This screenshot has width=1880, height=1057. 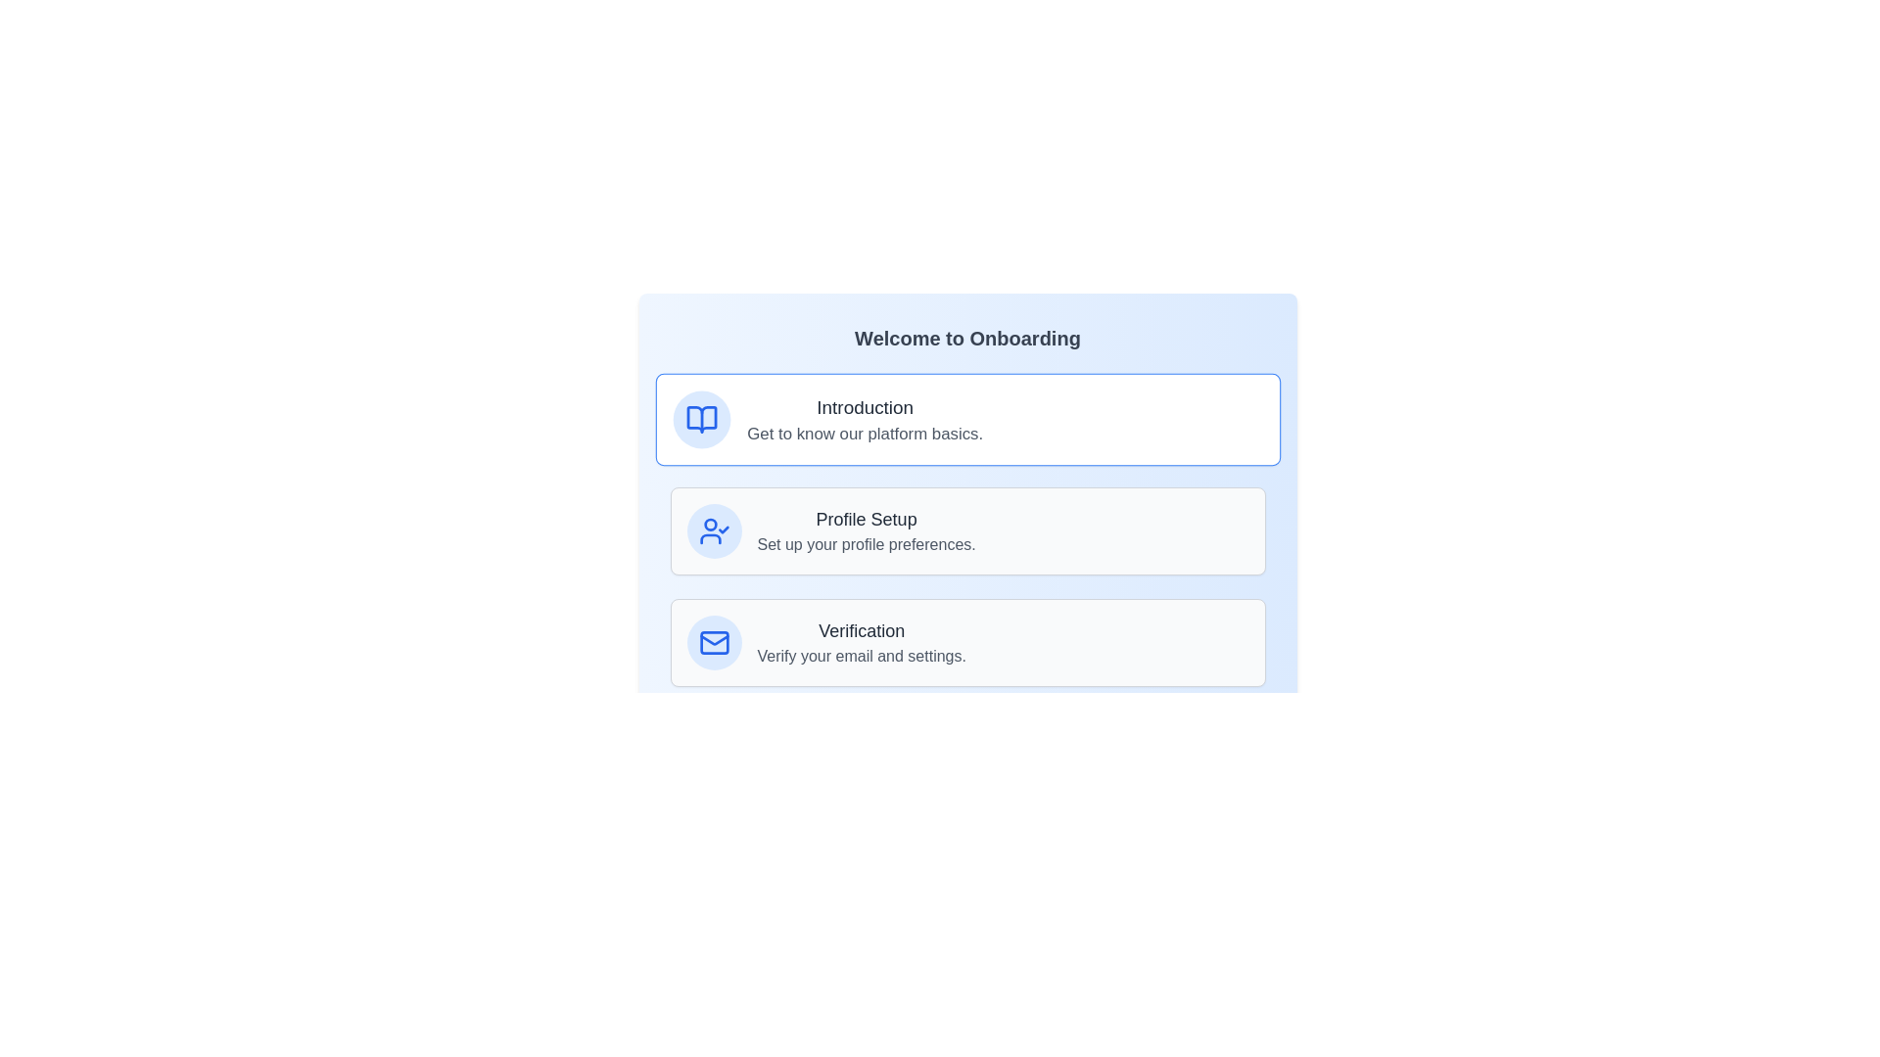 I want to click on the second item in the onboarding list titled 'Profile Setup', which is an informational card with a user figure icon and a checkmark, located under the heading 'Welcome to Onboarding', so click(x=967, y=531).